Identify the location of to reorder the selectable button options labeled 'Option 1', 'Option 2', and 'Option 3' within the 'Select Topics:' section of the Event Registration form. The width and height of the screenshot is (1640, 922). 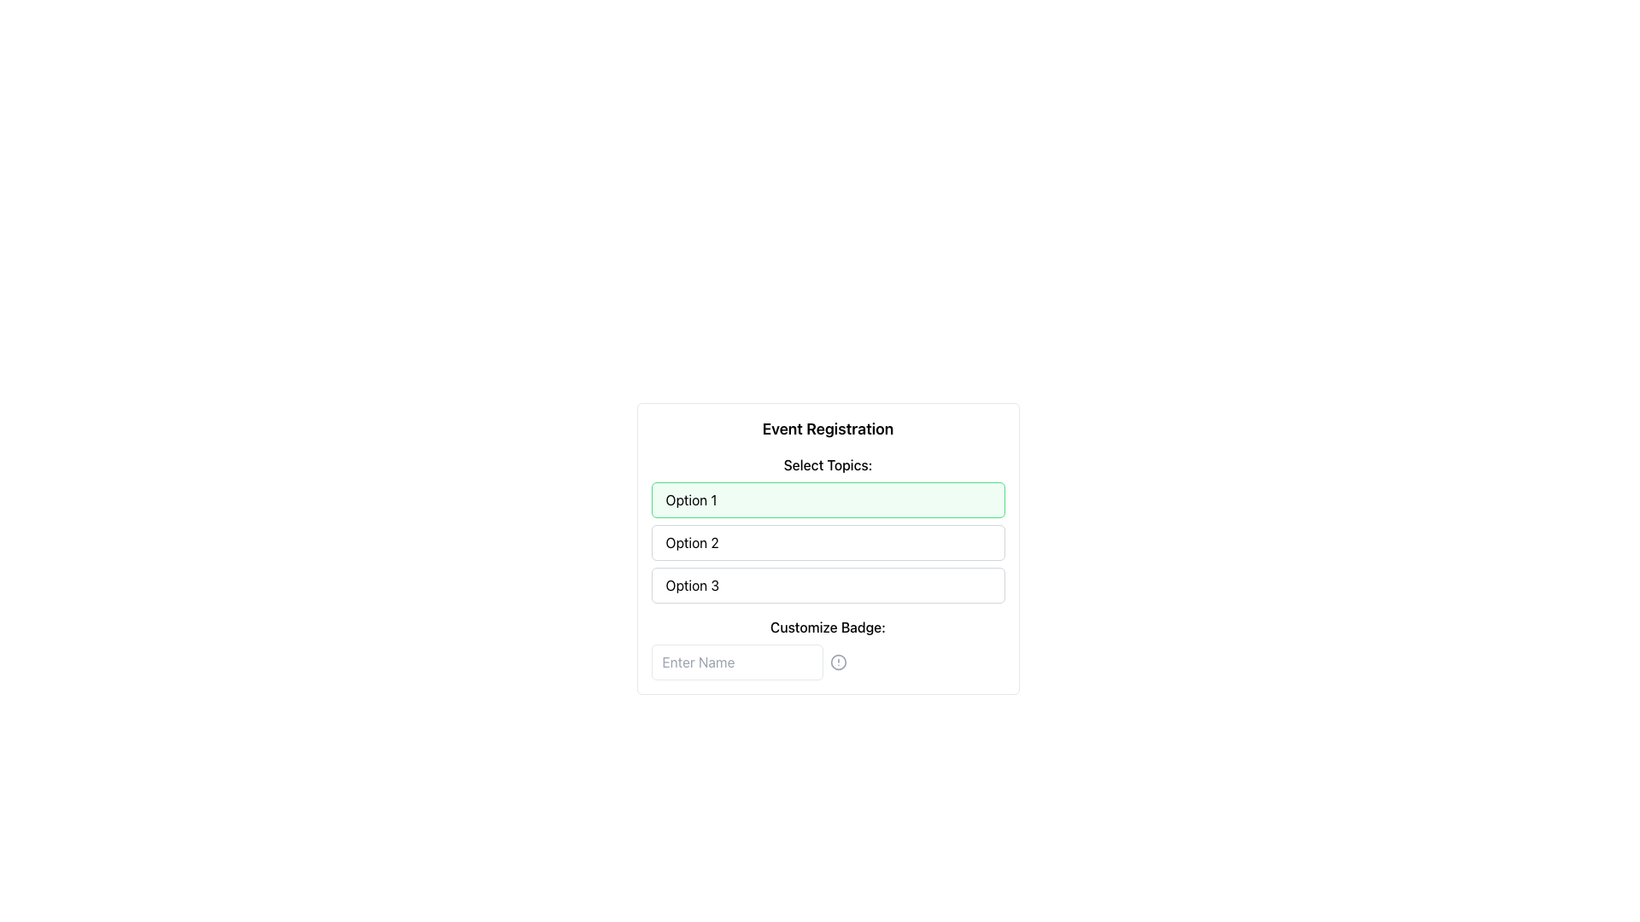
(828, 528).